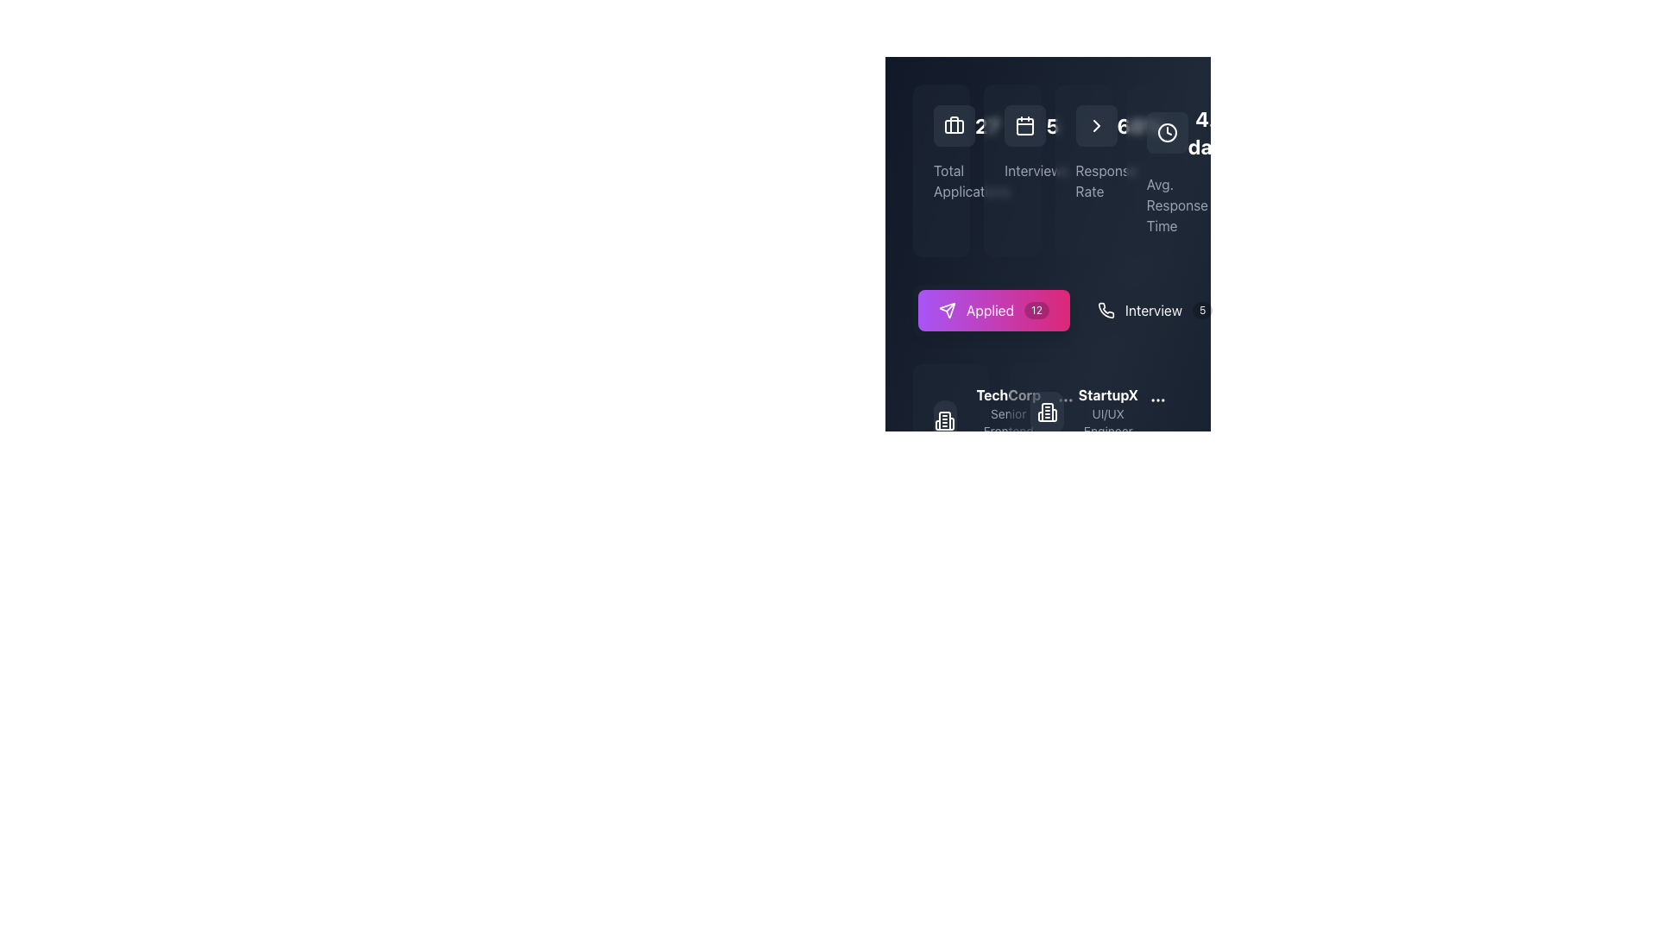 This screenshot has height=932, width=1657. What do you see at coordinates (1154, 205) in the screenshot?
I see `static text label displaying 'Avg. Response Time' in light gray font, located below the statistic '4.2 days' in a dark-themed interface` at bounding box center [1154, 205].